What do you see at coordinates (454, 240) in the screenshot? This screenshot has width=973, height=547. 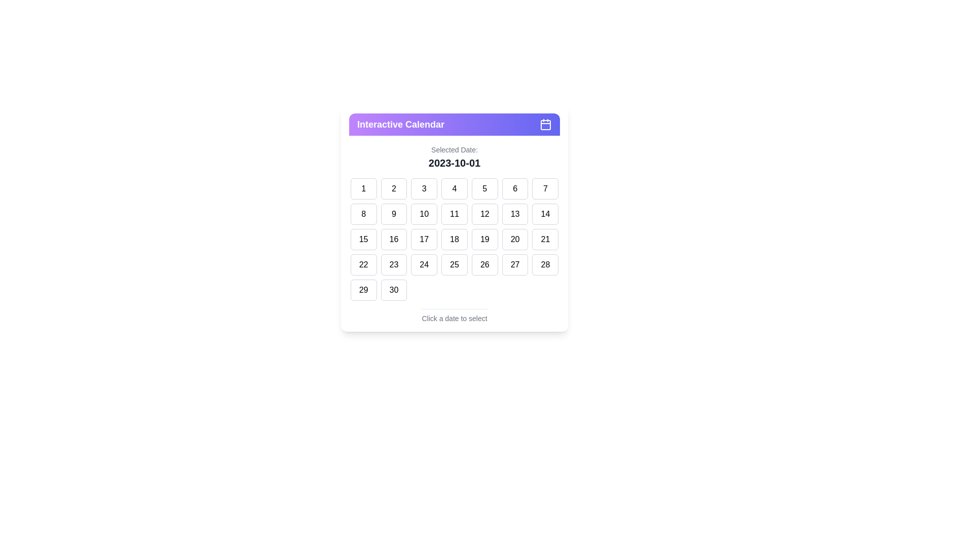 I see `the button representing the date 18 in the calendar interface` at bounding box center [454, 240].